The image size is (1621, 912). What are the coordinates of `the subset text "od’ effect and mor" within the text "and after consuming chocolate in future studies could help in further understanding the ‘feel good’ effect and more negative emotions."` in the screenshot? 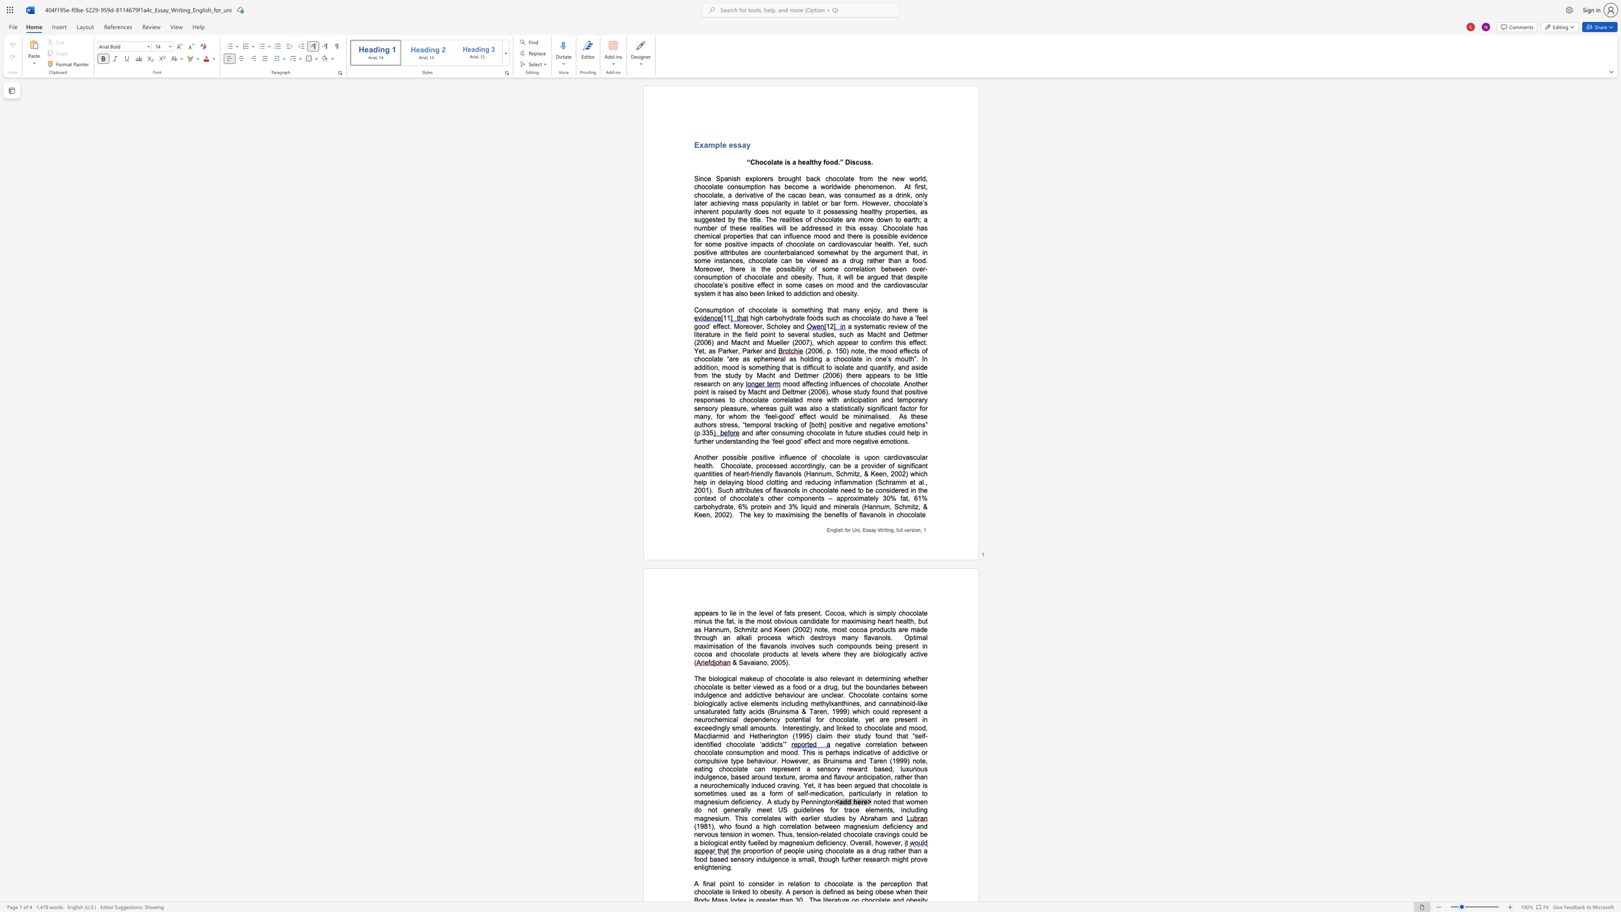 It's located at (793, 441).